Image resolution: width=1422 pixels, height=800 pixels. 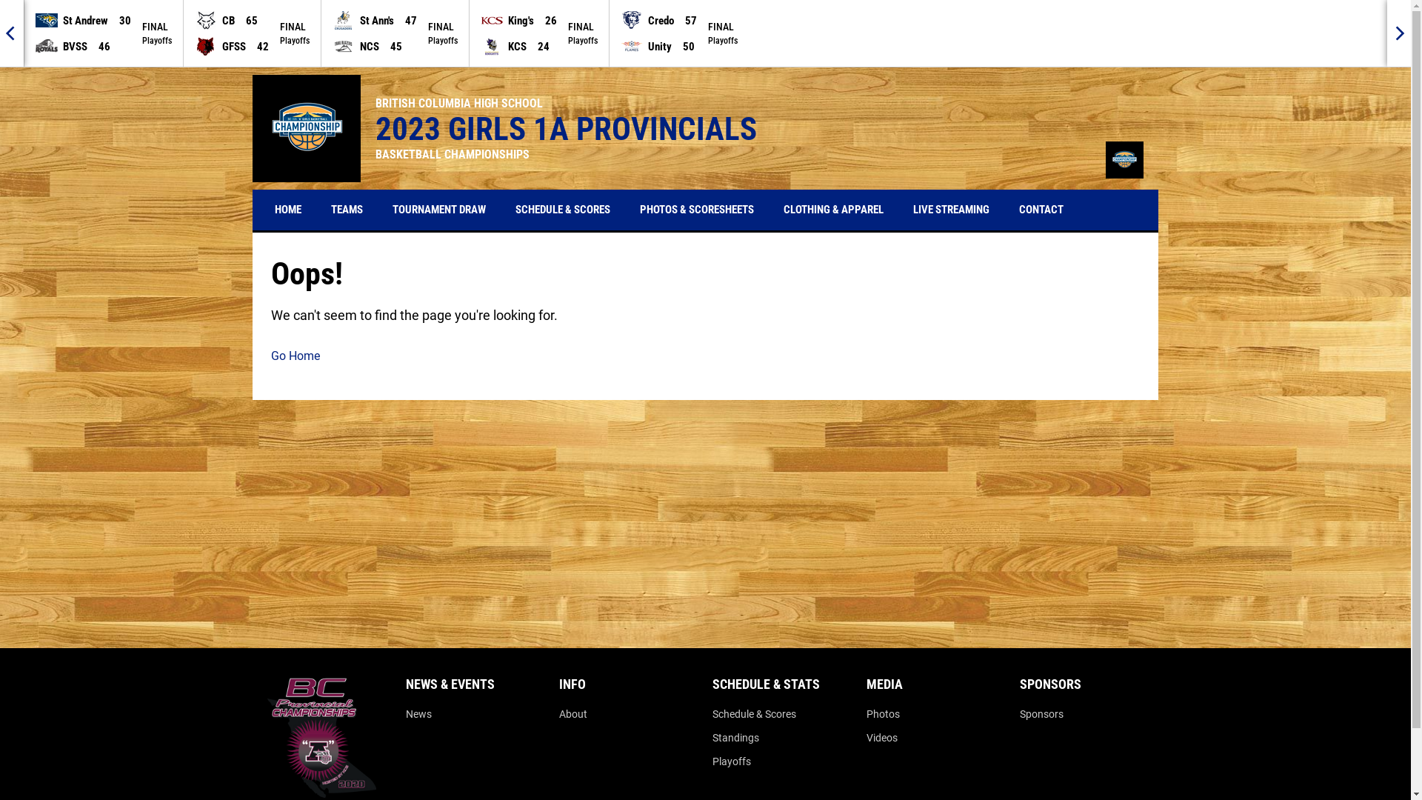 I want to click on 'Sponsors', so click(x=1041, y=713).